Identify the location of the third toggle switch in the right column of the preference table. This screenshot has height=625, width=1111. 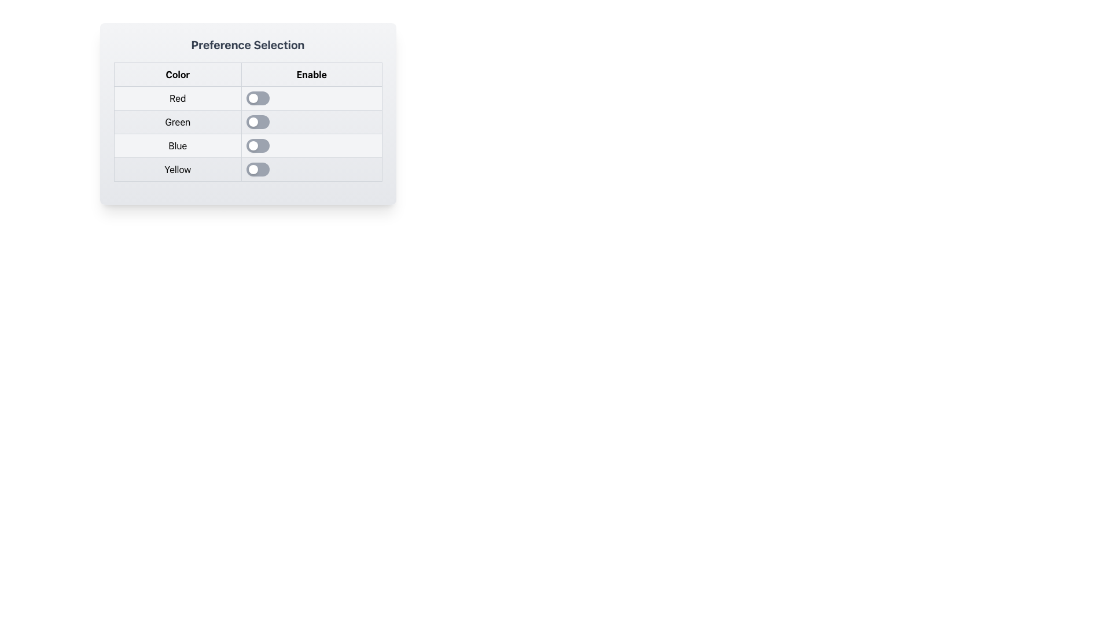
(247, 145).